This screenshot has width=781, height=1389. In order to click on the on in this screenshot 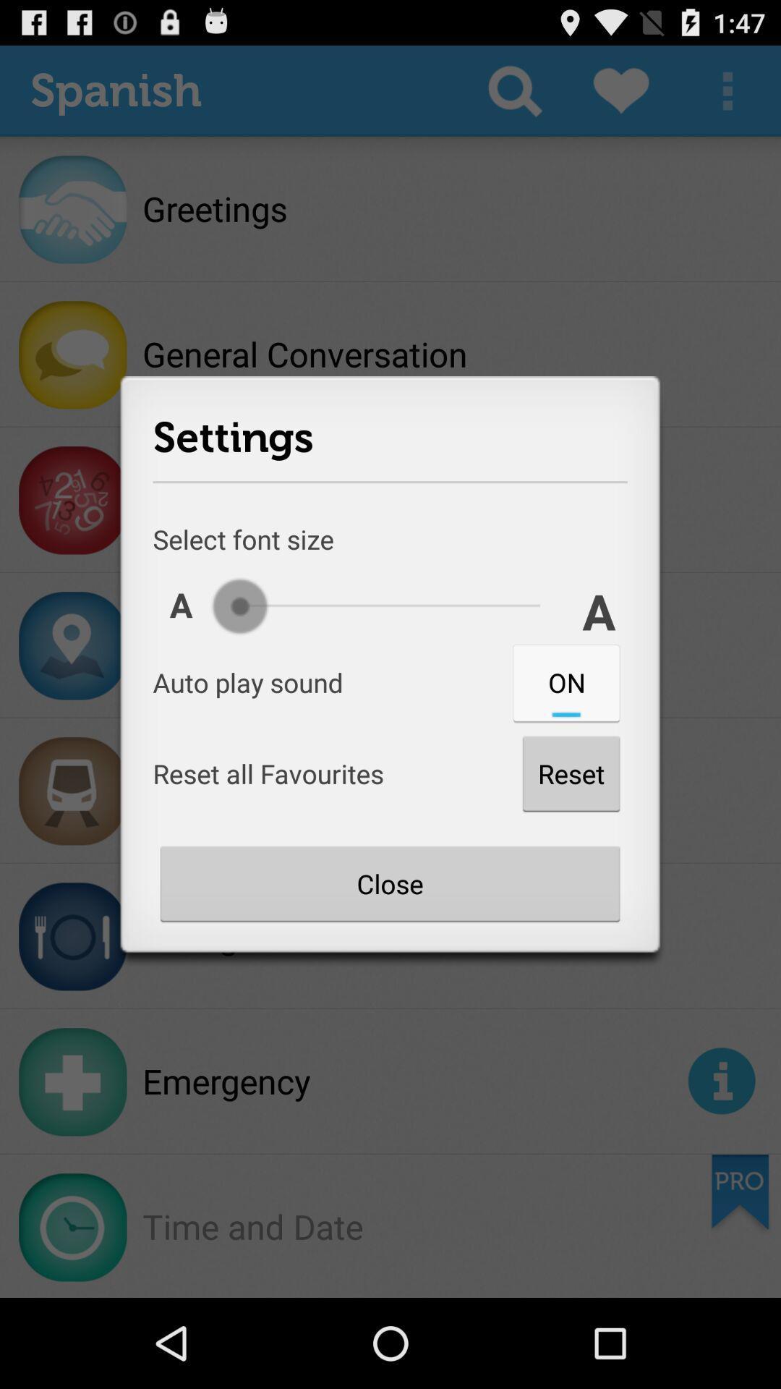, I will do `click(566, 681)`.